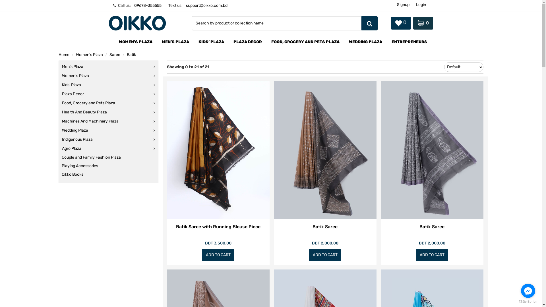 This screenshot has width=546, height=307. What do you see at coordinates (409, 42) in the screenshot?
I see `'ENTREPRENEURS'` at bounding box center [409, 42].